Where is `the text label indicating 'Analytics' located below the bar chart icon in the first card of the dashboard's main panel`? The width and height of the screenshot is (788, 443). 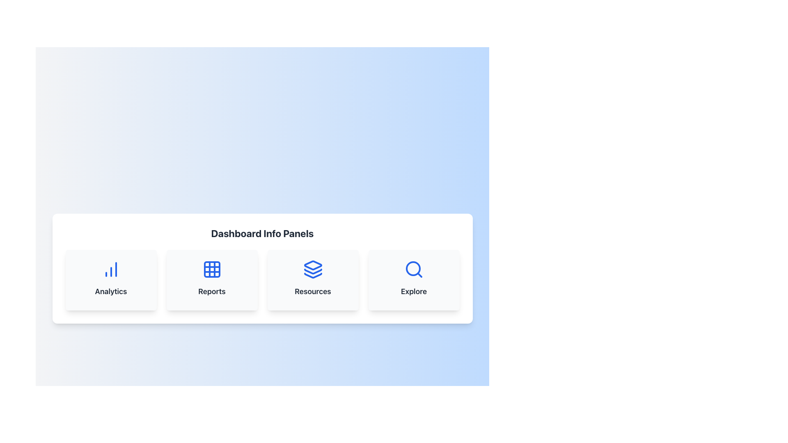 the text label indicating 'Analytics' located below the bar chart icon in the first card of the dashboard's main panel is located at coordinates (110, 291).